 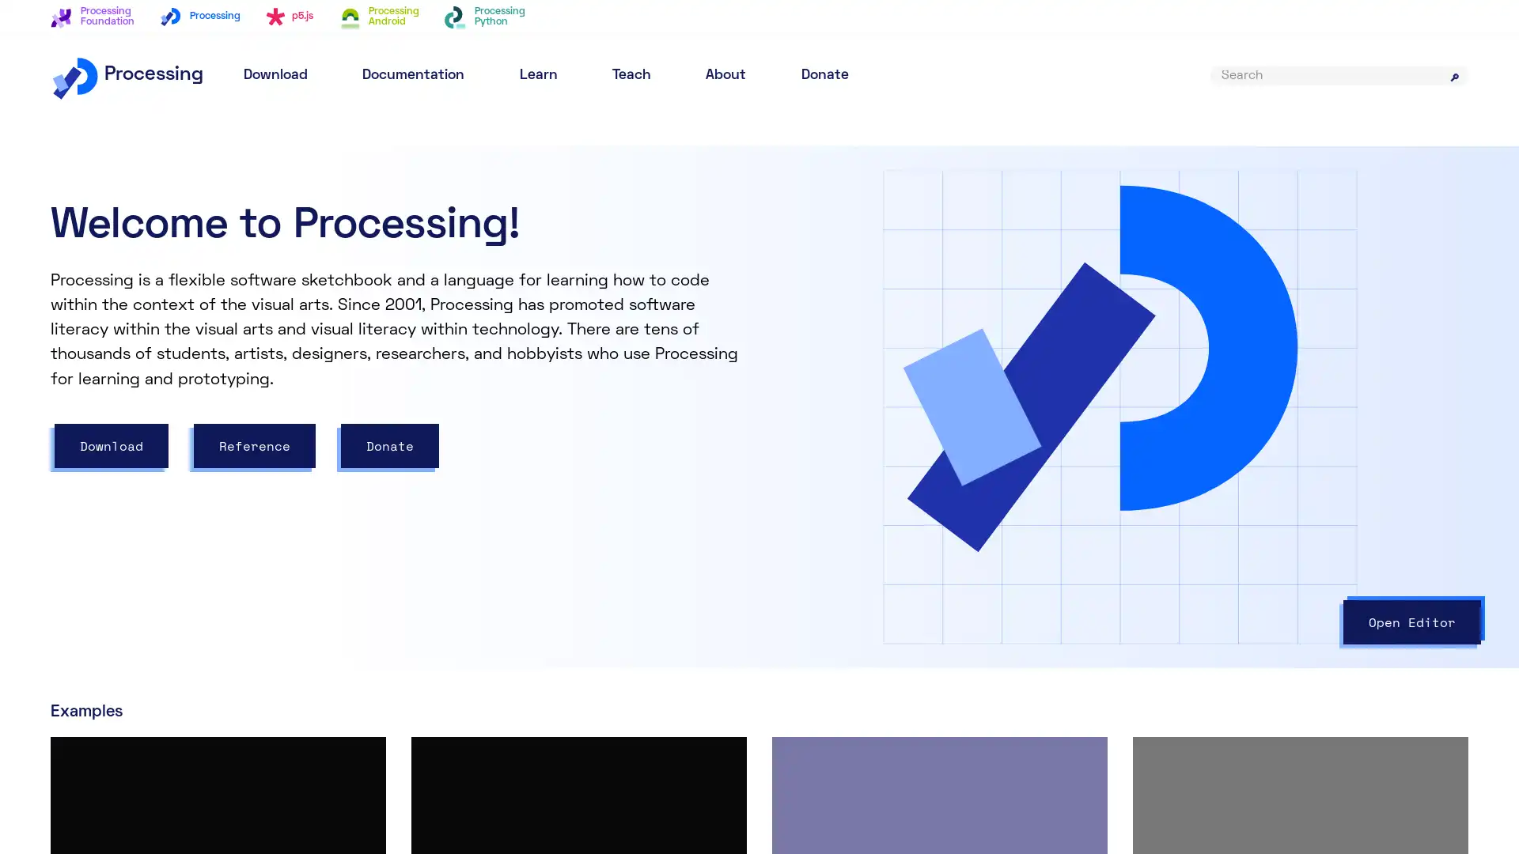 What do you see at coordinates (937, 524) in the screenshot?
I see `change position` at bounding box center [937, 524].